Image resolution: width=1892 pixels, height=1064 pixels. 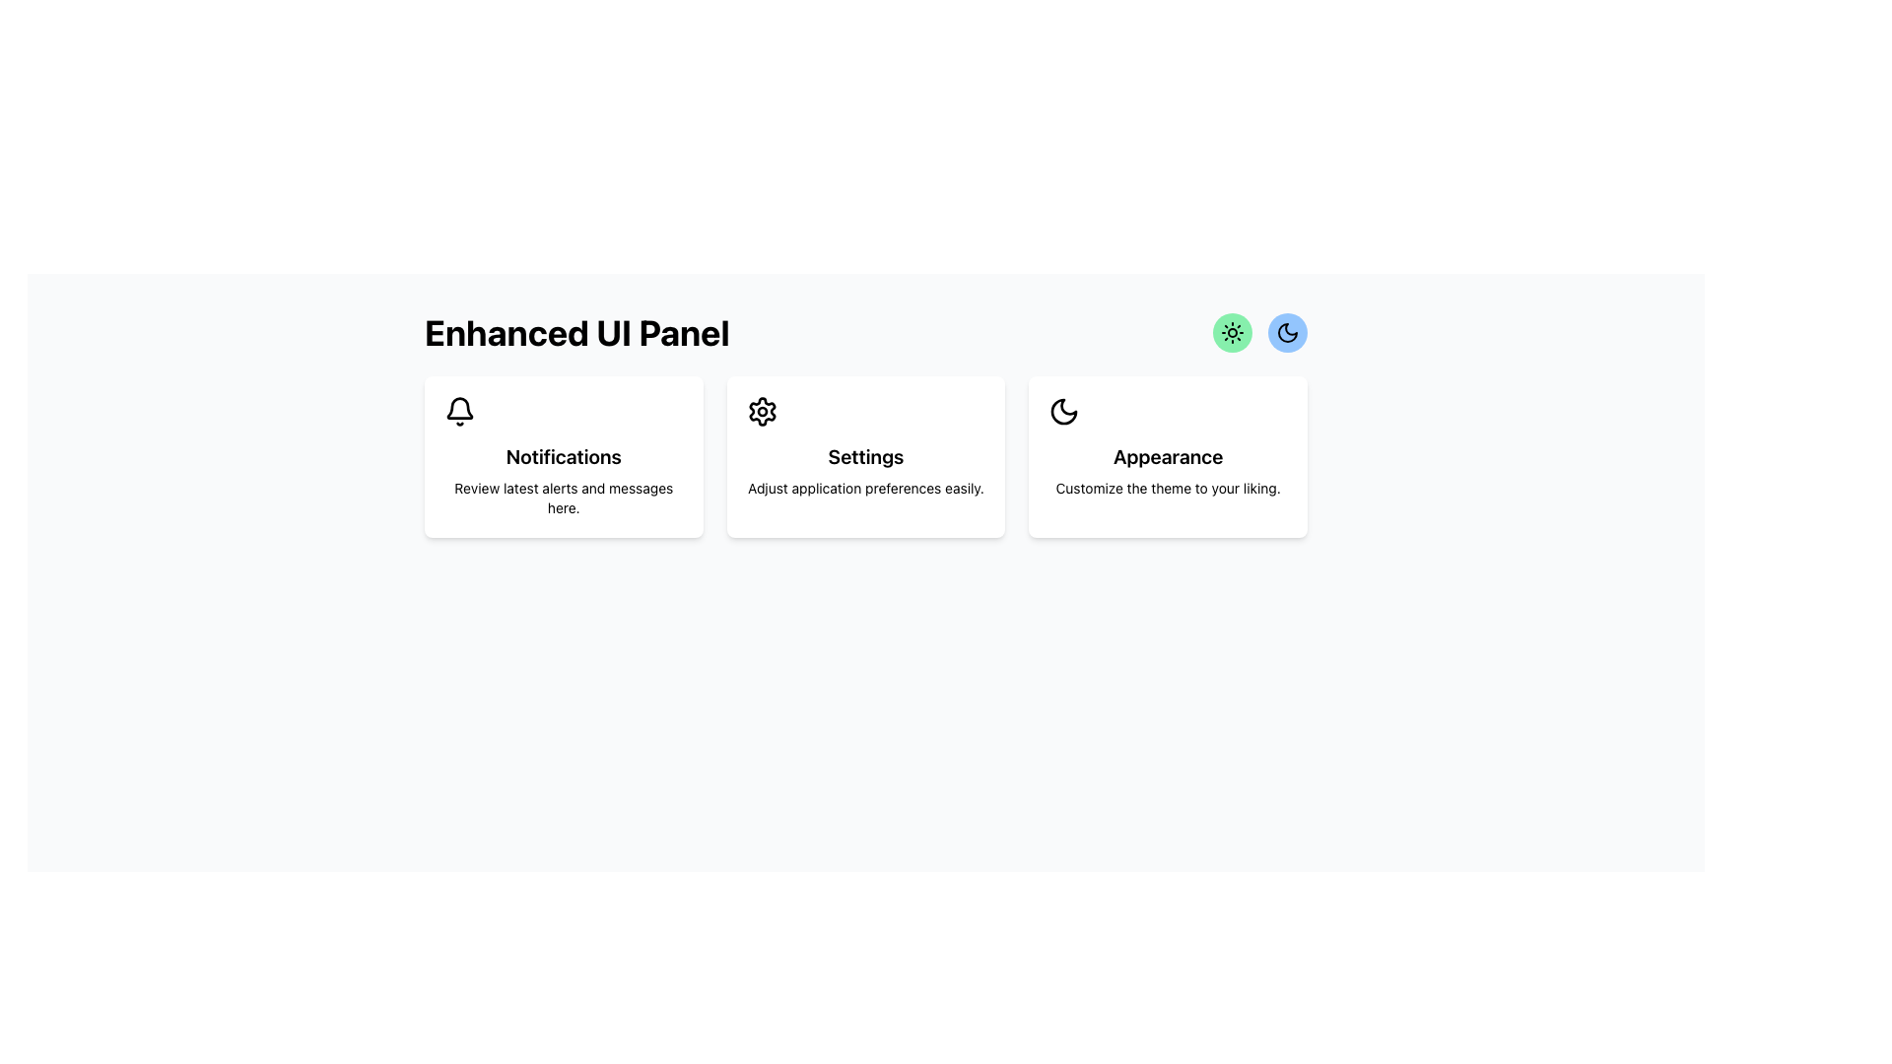 I want to click on the gear-shaped icon in the 'Settings' card, located centrally in the second card of a three-card layout under the 'Enhanced UI Panel' title, so click(x=761, y=410).